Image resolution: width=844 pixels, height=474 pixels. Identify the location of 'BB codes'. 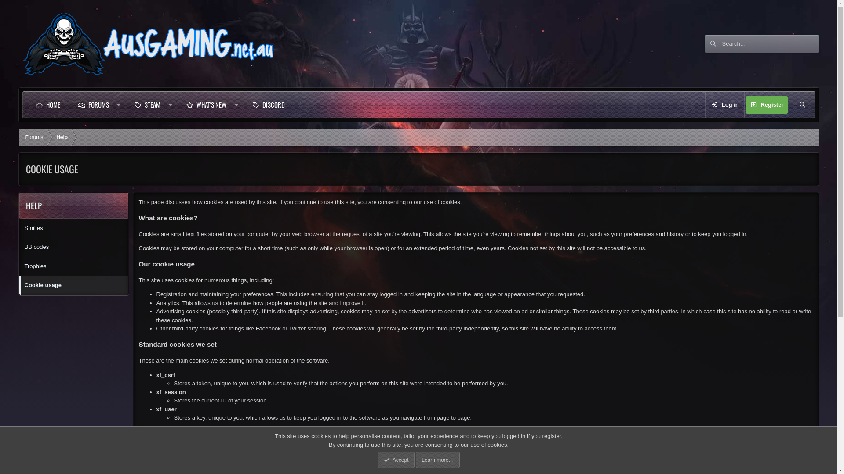
(74, 247).